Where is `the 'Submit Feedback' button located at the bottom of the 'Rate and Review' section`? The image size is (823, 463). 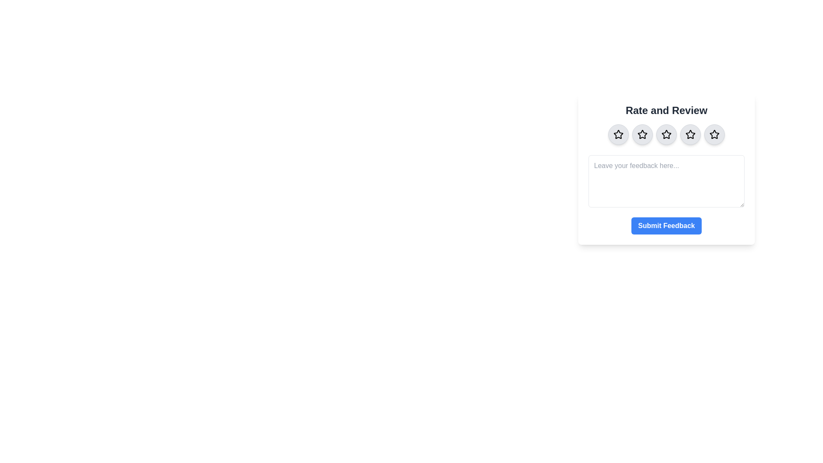 the 'Submit Feedback' button located at the bottom of the 'Rate and Review' section is located at coordinates (666, 225).